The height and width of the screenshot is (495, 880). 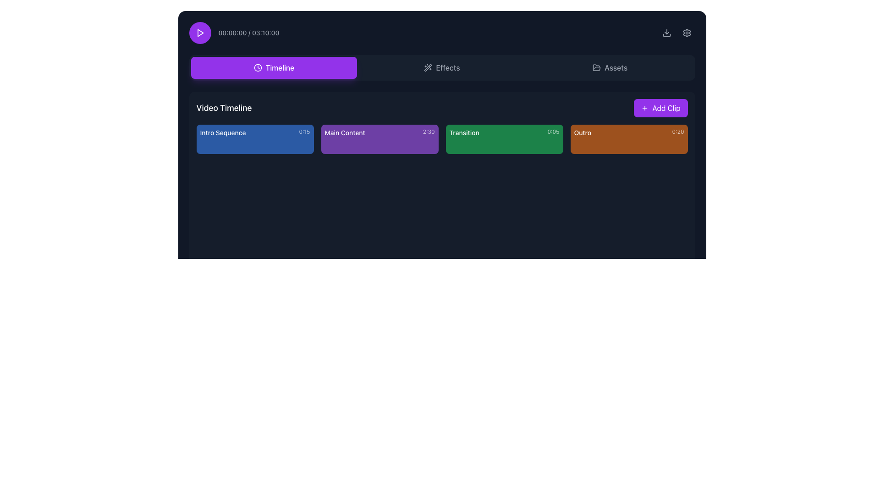 I want to click on the static text label displaying '00:00:00 / 03:10:00', which is styled with a smaller font size, medium weight, and light gray color, located in the upper section of the interface, adjacent to the circular play button, so click(x=248, y=33).